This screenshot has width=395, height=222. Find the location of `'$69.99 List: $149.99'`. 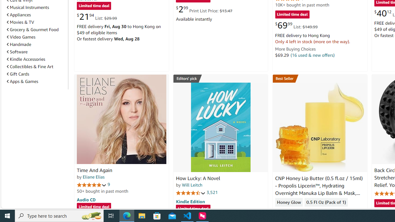

'$69.99 List: $149.99' is located at coordinates (296, 25).